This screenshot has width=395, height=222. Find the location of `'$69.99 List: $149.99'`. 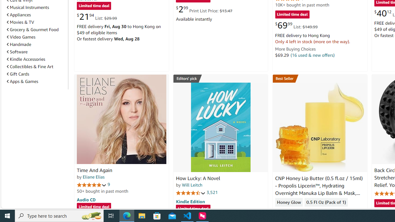

'$69.99 List: $149.99' is located at coordinates (296, 25).